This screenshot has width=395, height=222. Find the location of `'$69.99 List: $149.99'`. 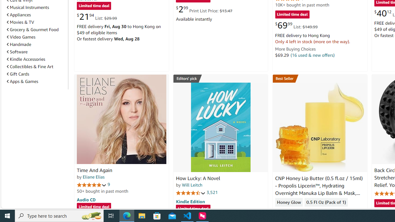

'$69.99 List: $149.99' is located at coordinates (296, 25).